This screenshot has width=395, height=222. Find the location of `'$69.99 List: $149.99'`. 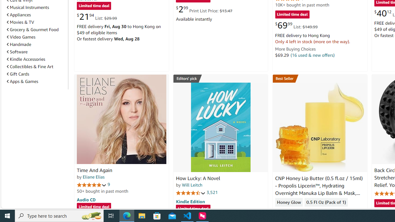

'$69.99 List: $149.99' is located at coordinates (296, 25).